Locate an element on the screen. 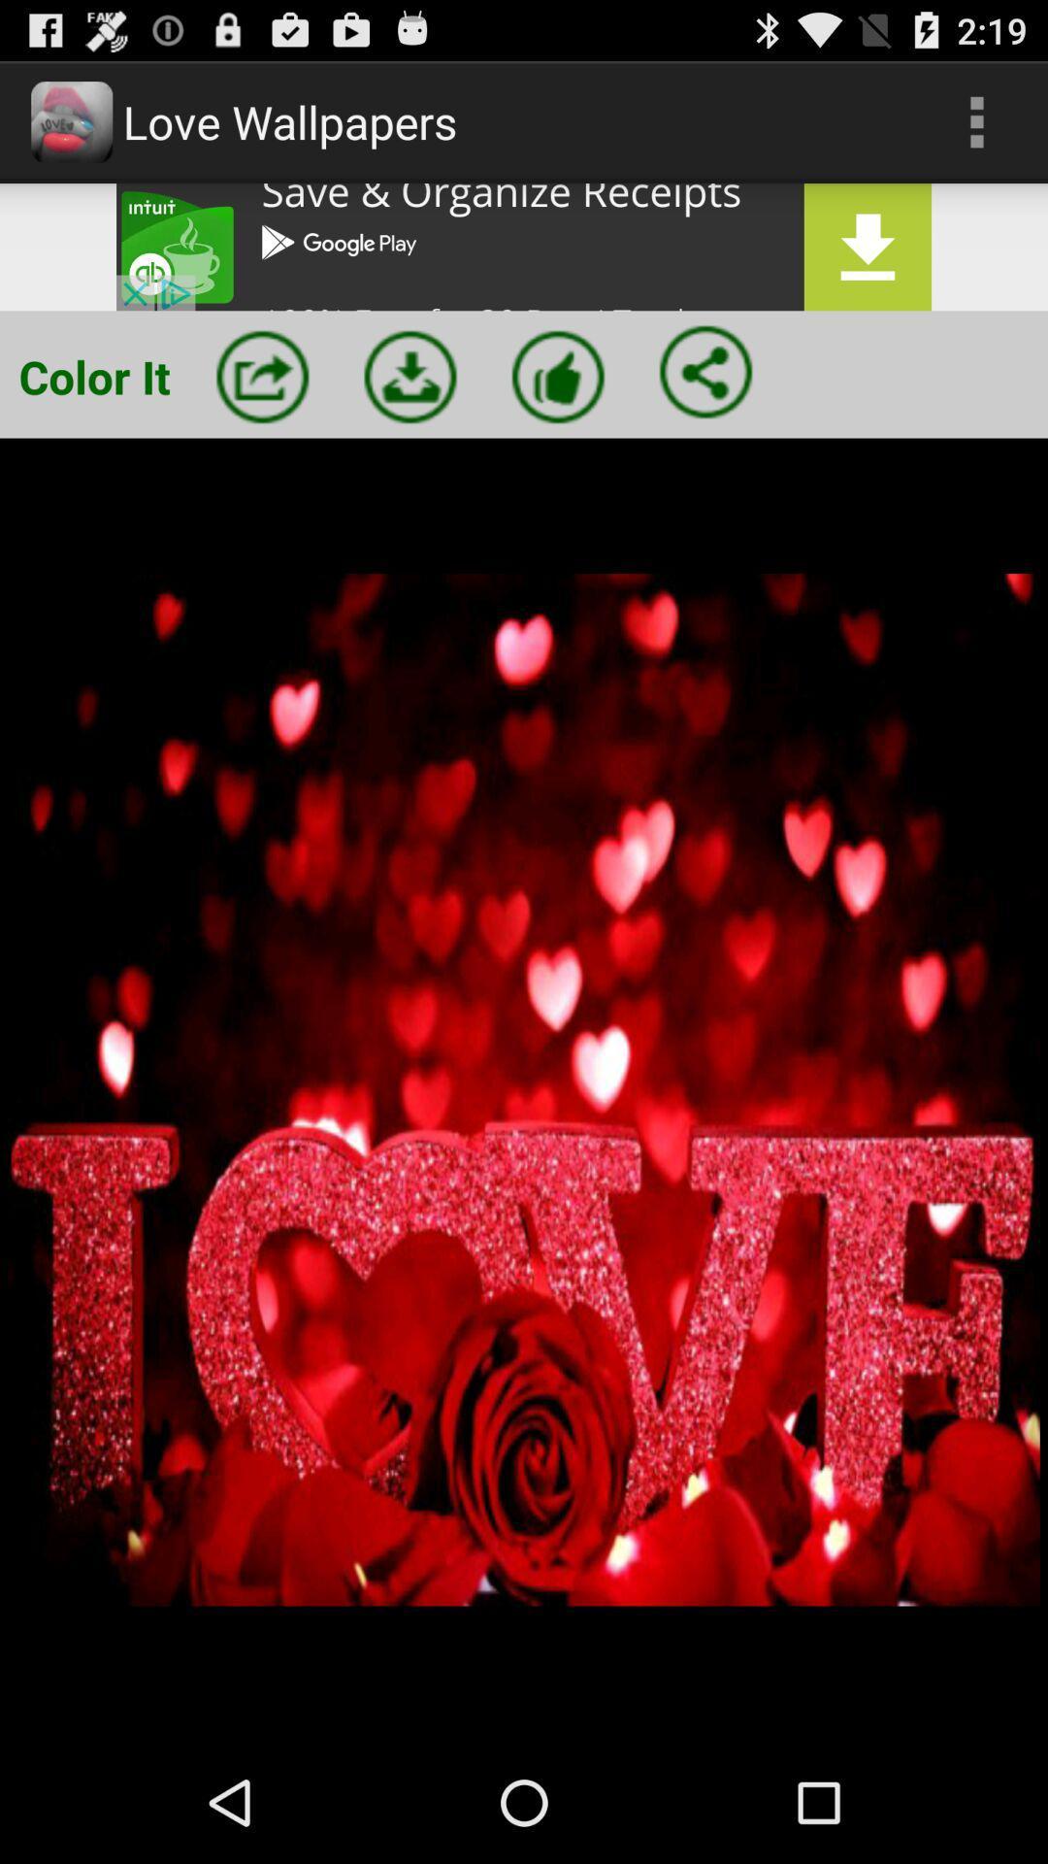 The width and height of the screenshot is (1048, 1864). download link is located at coordinates (524, 246).